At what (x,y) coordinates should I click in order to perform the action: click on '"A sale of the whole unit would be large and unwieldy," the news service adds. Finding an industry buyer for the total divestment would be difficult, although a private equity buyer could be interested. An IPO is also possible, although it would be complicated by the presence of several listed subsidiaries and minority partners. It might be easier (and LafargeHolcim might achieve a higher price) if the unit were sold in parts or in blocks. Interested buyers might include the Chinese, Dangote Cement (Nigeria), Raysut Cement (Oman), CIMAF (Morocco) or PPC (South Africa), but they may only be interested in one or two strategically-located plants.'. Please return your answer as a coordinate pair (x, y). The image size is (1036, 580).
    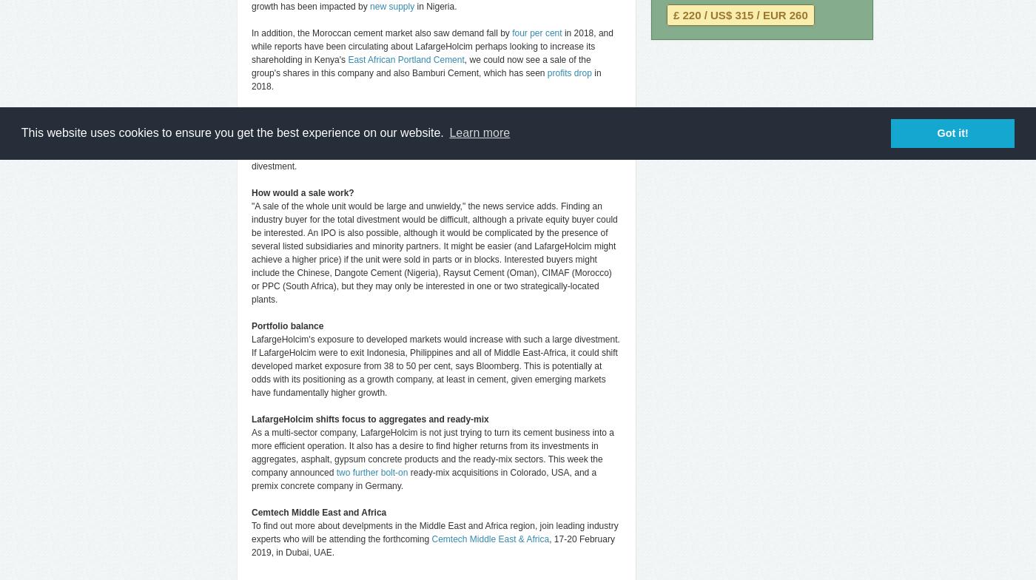
    Looking at the image, I should click on (434, 252).